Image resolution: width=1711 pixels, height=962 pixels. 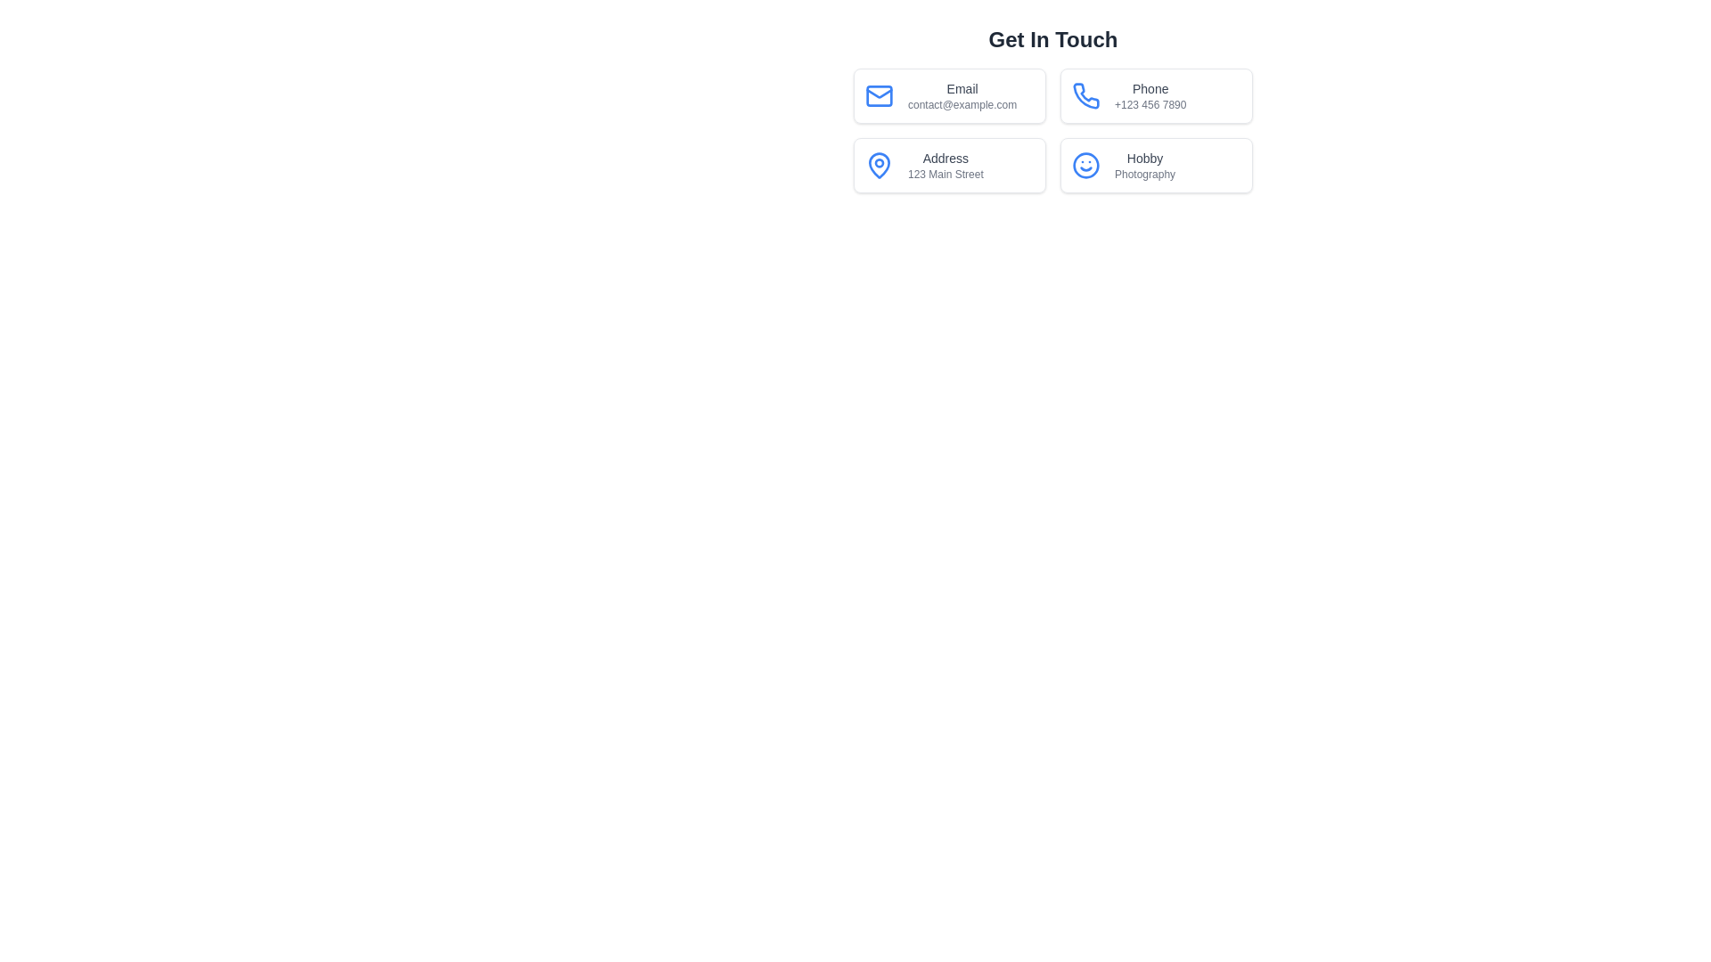 I want to click on the decorative location marker icon in the 'Address' section of the grid under the 'Get In Touch' header, so click(x=880, y=165).